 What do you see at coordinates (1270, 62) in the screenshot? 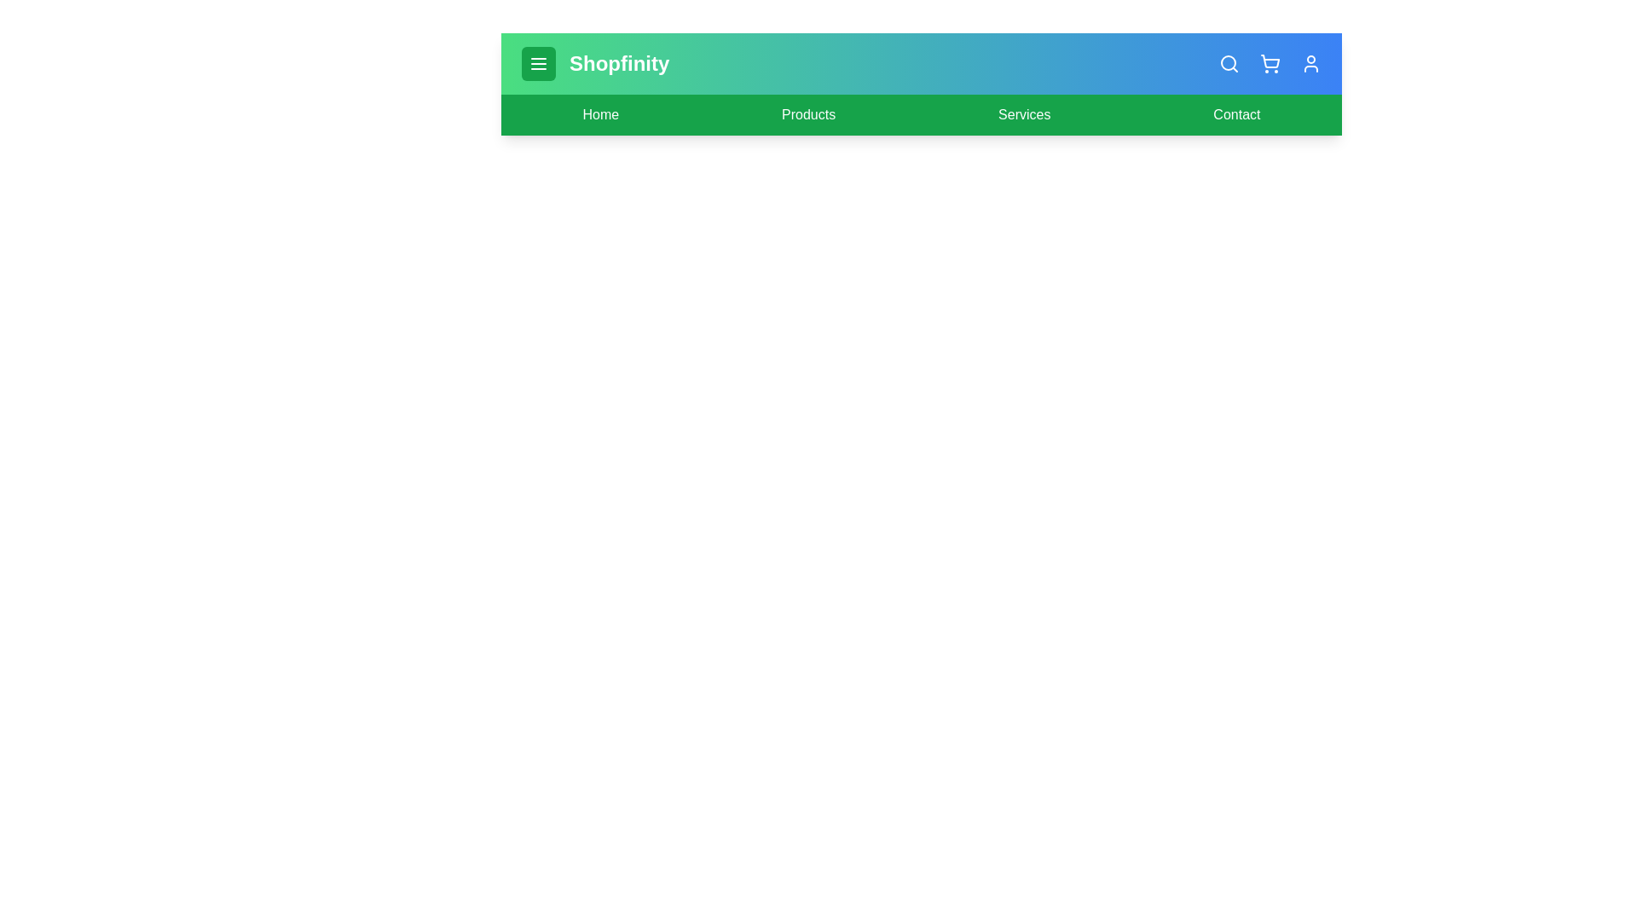
I see `the shopping cart icon to view the cart` at bounding box center [1270, 62].